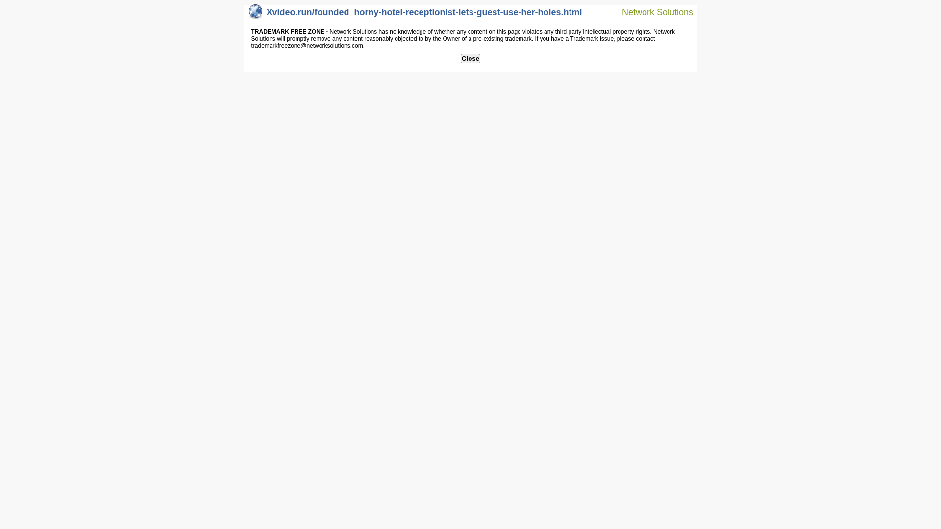 This screenshot has width=941, height=529. I want to click on 'Close', so click(470, 58).